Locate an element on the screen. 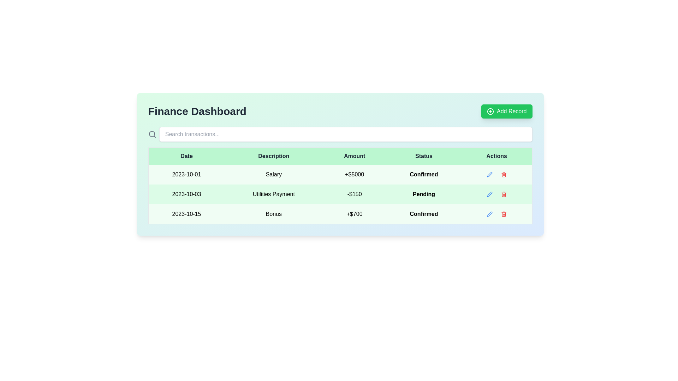 Image resolution: width=678 pixels, height=381 pixels. displayed transaction date from the table cell located in the second row under the 'Date' column, which is positioned to the far left of the table structure is located at coordinates (186, 194).